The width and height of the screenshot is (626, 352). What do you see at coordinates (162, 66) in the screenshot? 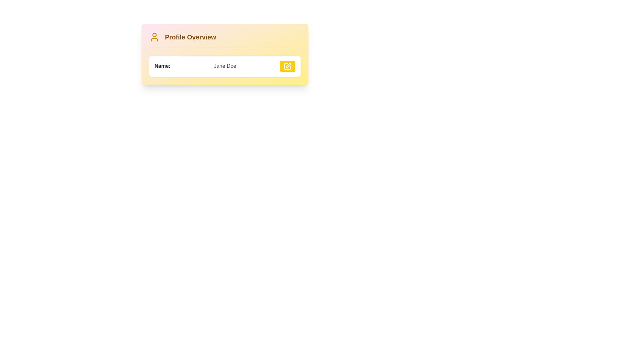
I see `the text label indicating the purpose of the adjacent user's name, which is located to the left of the text displaying 'Jane Doe.'` at bounding box center [162, 66].